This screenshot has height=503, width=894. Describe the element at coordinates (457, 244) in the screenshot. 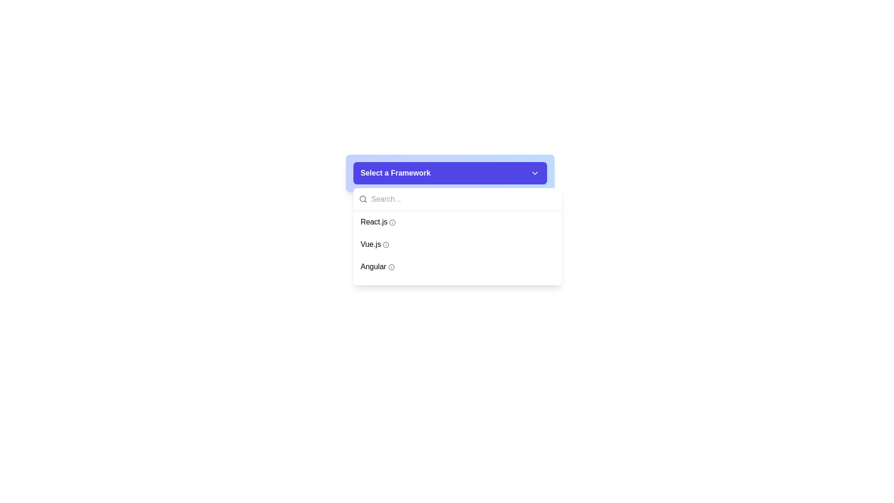

I see `the second selectable option in the dropdown list` at that location.